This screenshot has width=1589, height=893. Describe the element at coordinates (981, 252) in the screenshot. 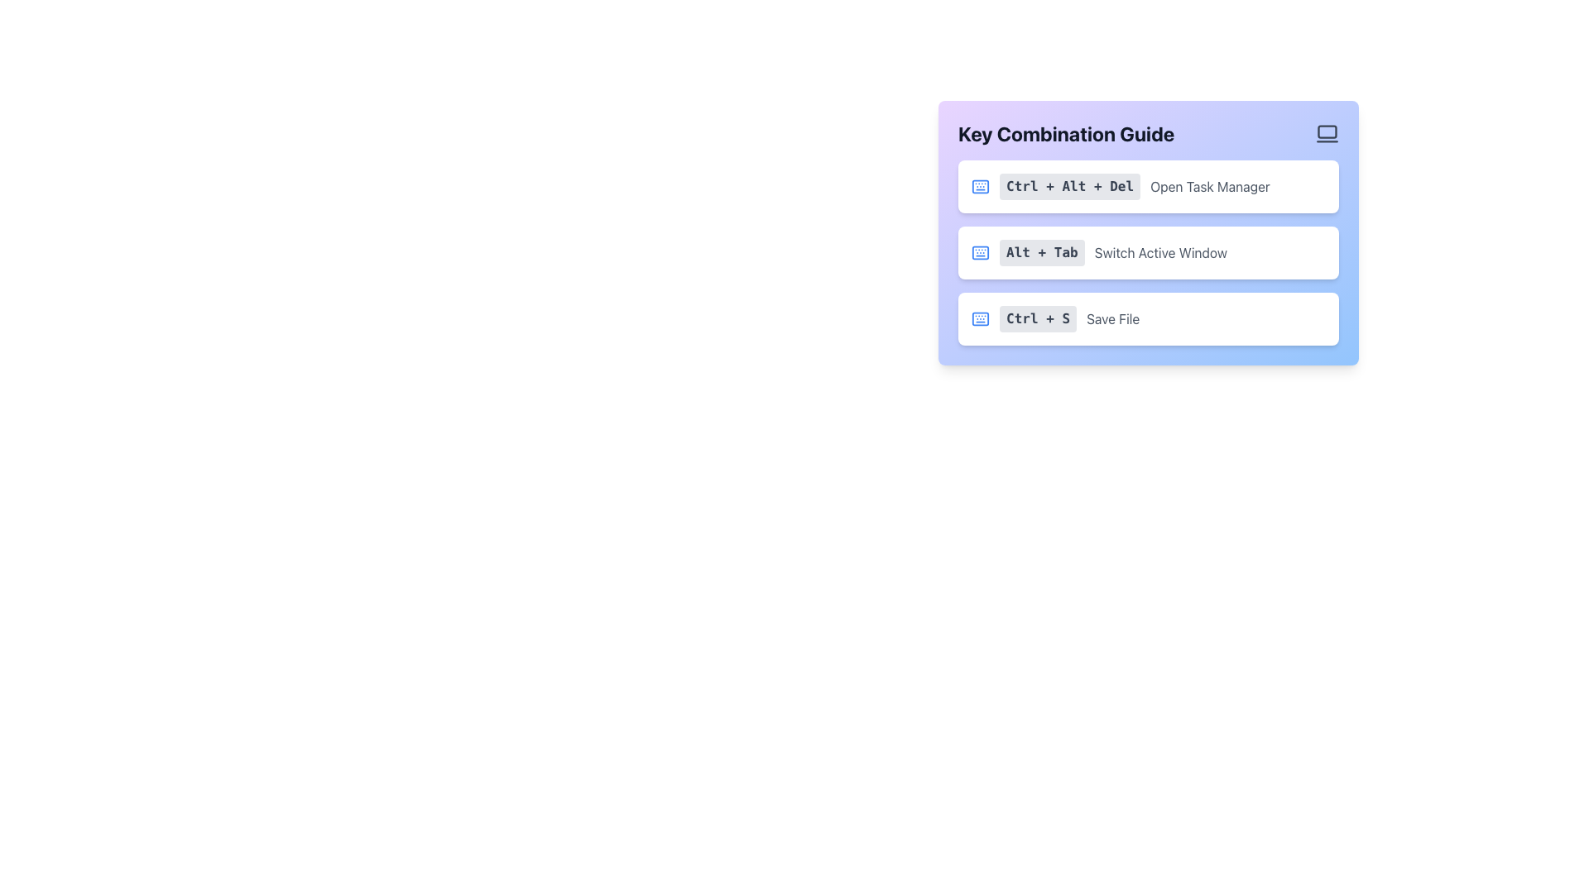

I see `the 8th element in the SVG representation of the keyboard icon, which is part of the second list item in a vertical guide layout` at that location.